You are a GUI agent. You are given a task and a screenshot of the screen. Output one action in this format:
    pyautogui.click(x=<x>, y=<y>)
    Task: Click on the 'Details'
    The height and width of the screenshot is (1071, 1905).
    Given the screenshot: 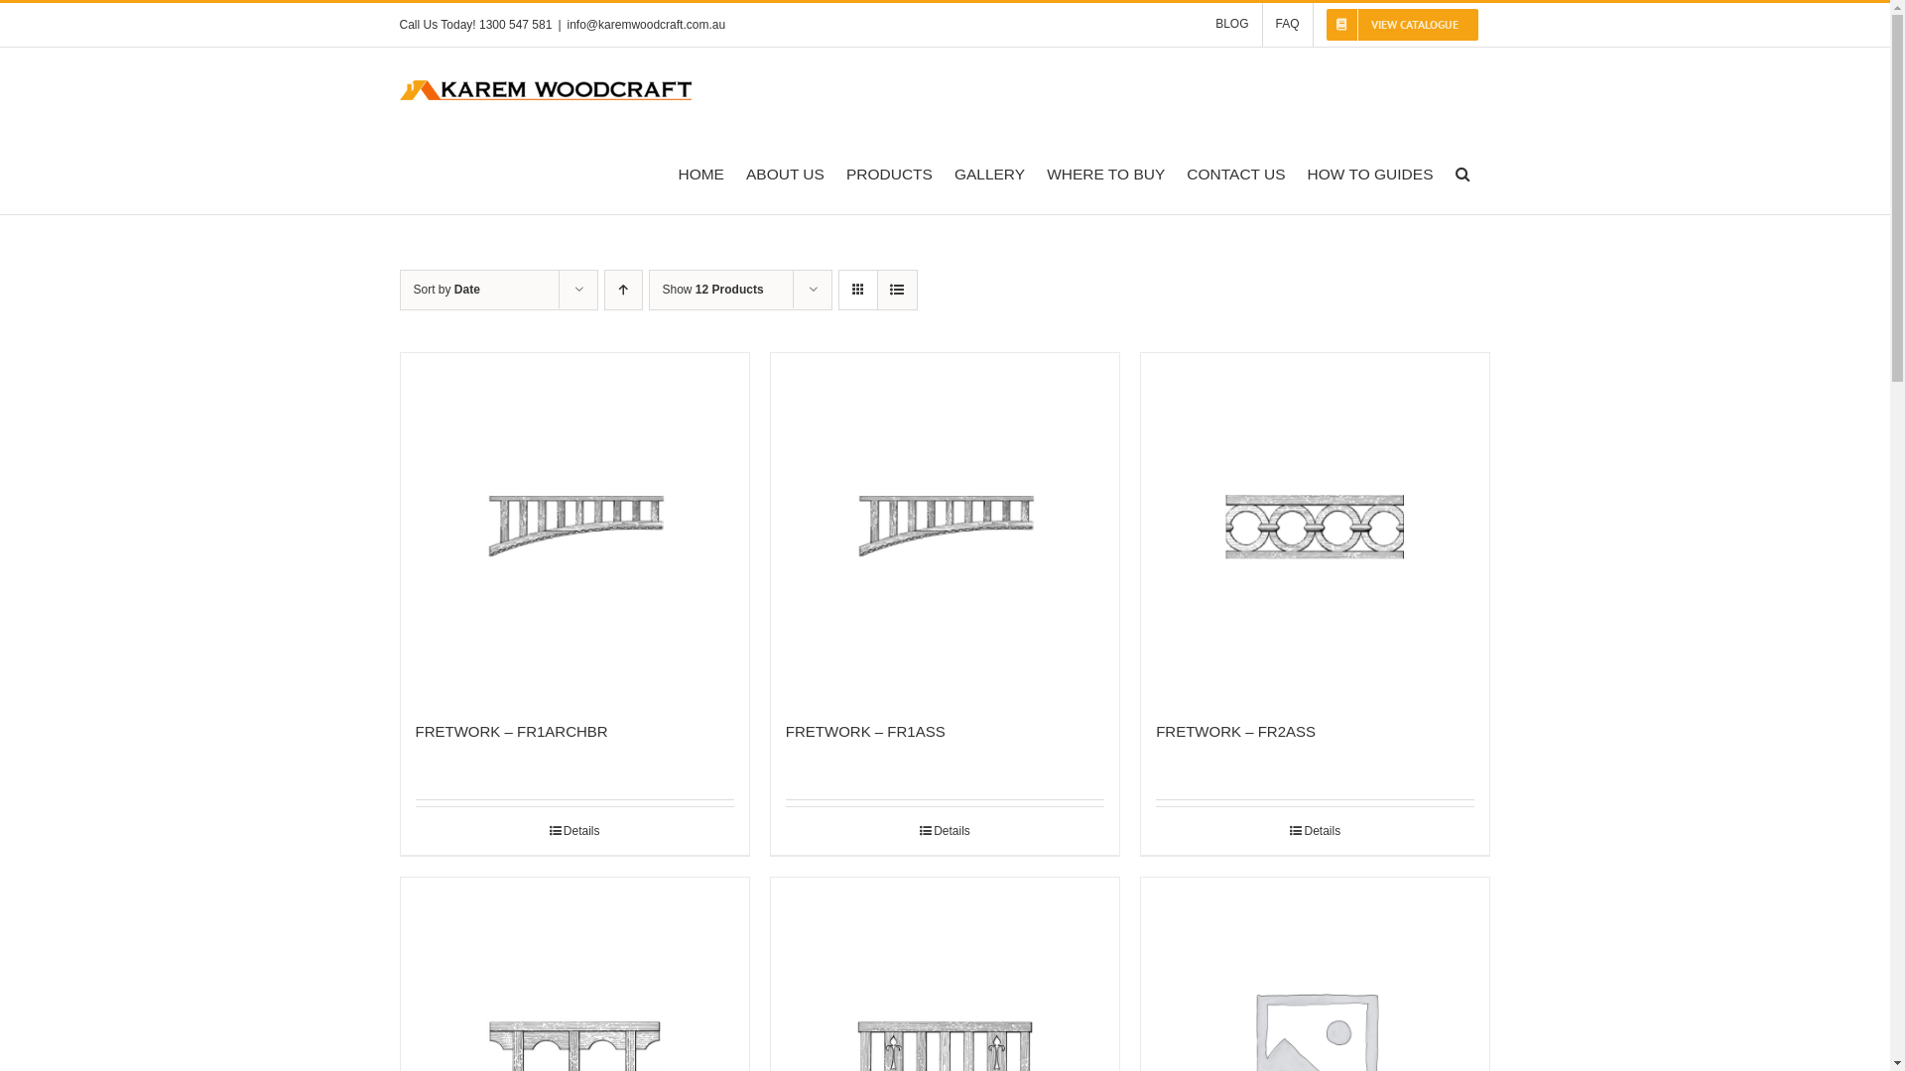 What is the action you would take?
    pyautogui.click(x=1315, y=830)
    